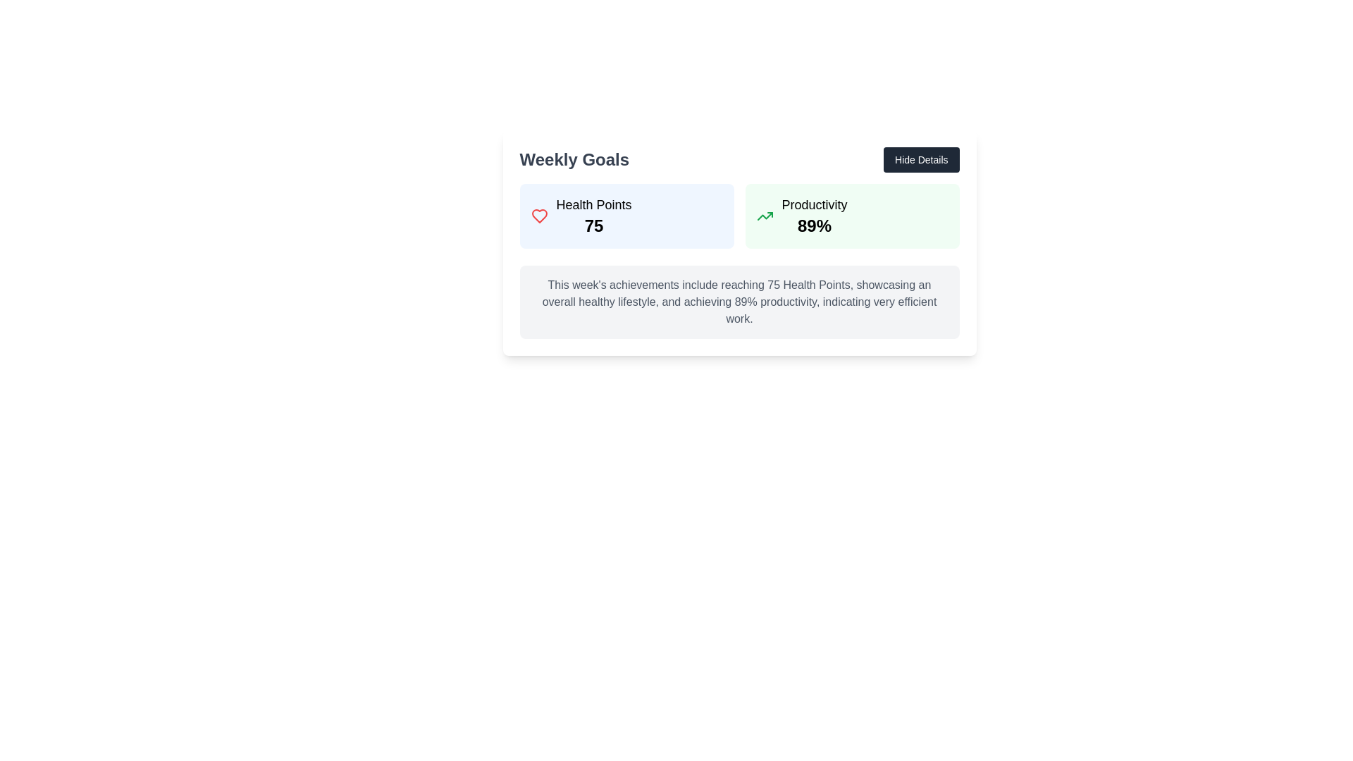  Describe the element at coordinates (764, 216) in the screenshot. I see `the growth indicator icon located in the 'Productivity' section, positioned to the left of the text '89%' and above the textual description` at that location.